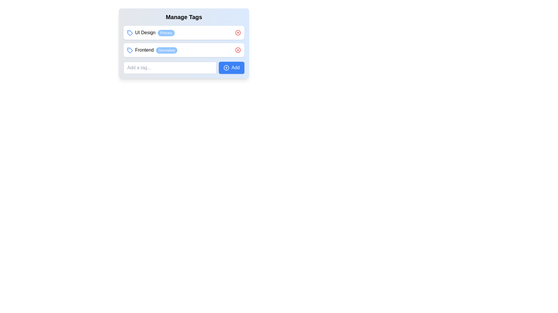  What do you see at coordinates (166, 33) in the screenshot?
I see `the label with the text 'Primary' that has a light blue background and white text, positioned to the right of 'UI Design'` at bounding box center [166, 33].